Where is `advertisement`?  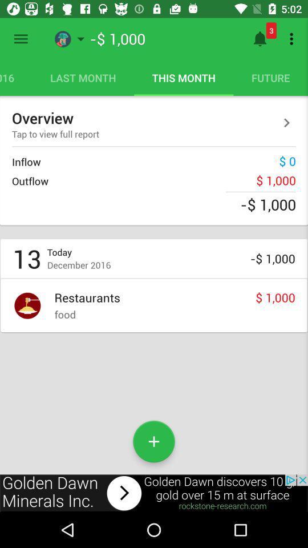 advertisement is located at coordinates (154, 493).